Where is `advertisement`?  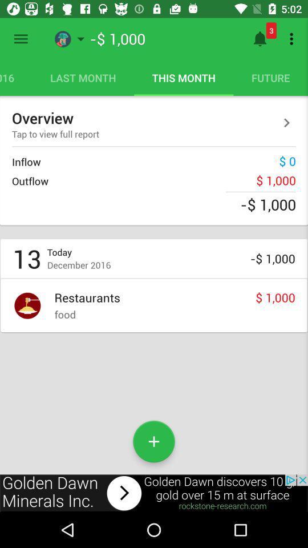 advertisement is located at coordinates (154, 493).